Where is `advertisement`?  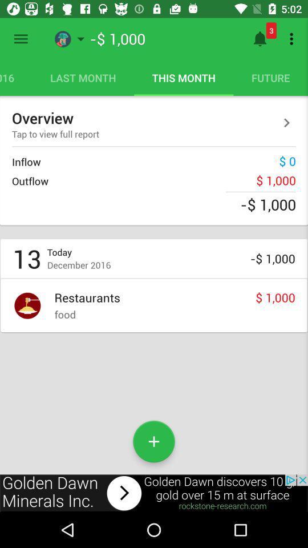 advertisement is located at coordinates (154, 493).